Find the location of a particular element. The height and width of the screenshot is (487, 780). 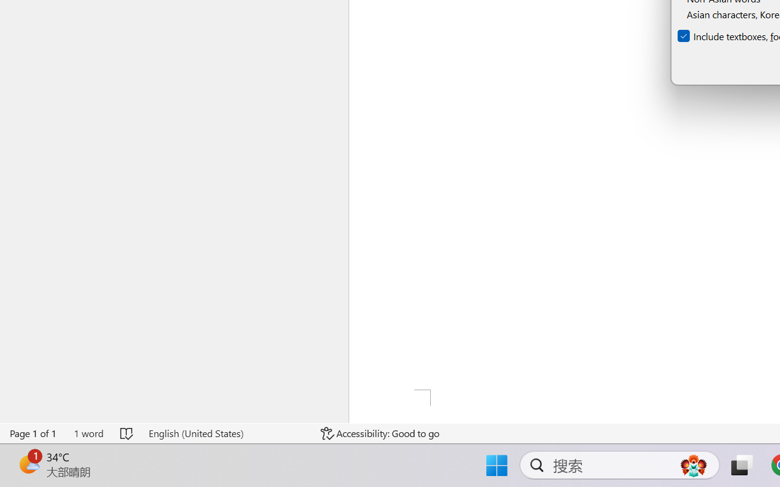

'AutomationID: BadgeAnchorLargeTicker' is located at coordinates (28, 464).